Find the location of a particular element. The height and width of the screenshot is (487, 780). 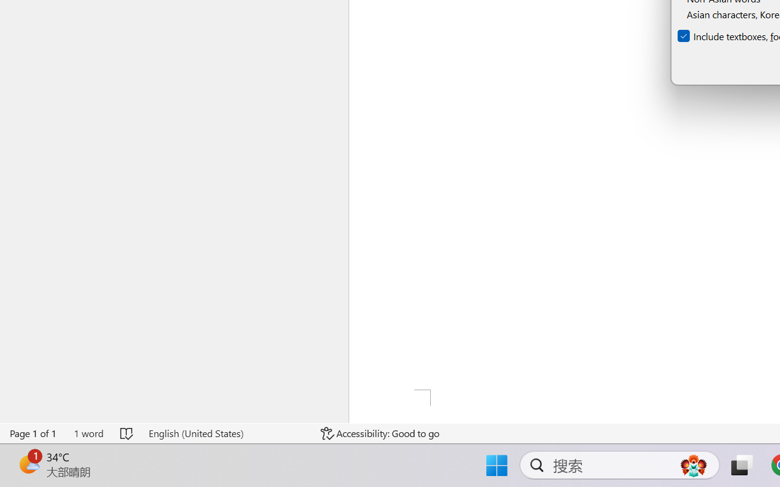

'AutomationID: BadgeAnchorLargeTicker' is located at coordinates (28, 464).